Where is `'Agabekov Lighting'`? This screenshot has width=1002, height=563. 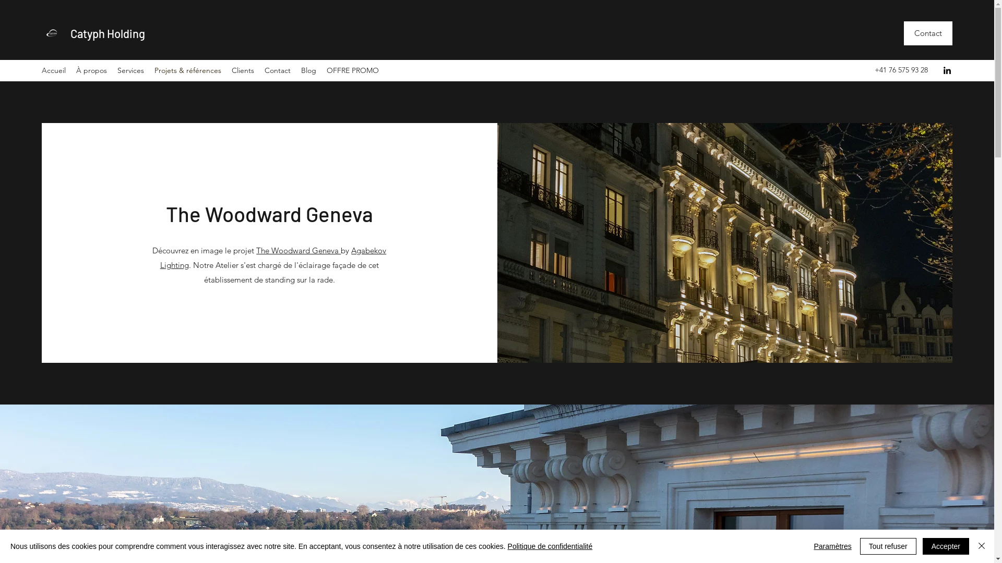 'Agabekov Lighting' is located at coordinates (273, 258).